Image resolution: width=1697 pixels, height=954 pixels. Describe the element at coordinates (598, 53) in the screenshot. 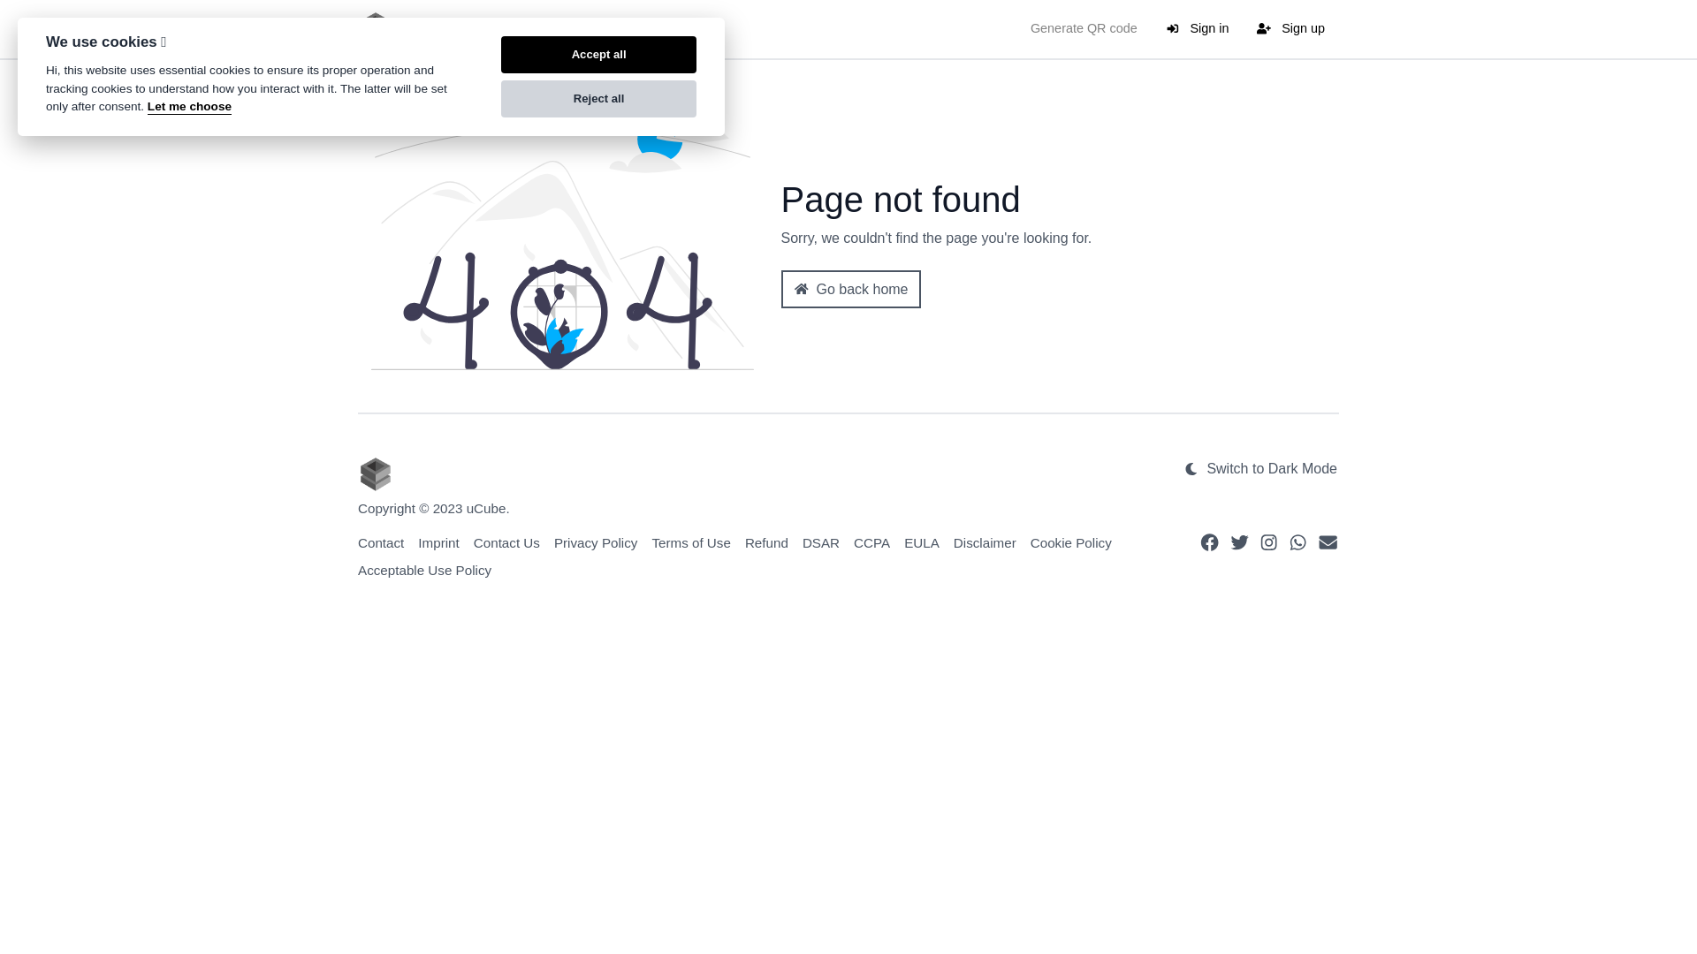

I see `'Accept all'` at that location.